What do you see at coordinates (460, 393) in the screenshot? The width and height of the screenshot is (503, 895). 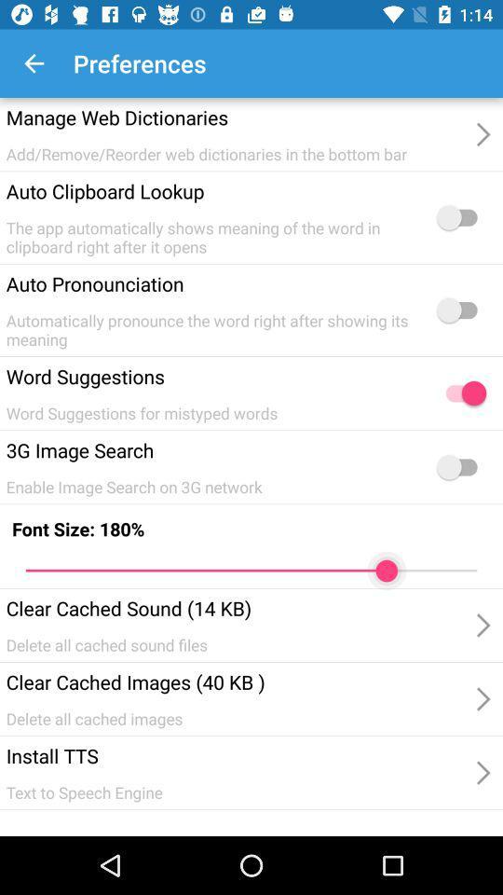 I see `word suggestions on` at bounding box center [460, 393].